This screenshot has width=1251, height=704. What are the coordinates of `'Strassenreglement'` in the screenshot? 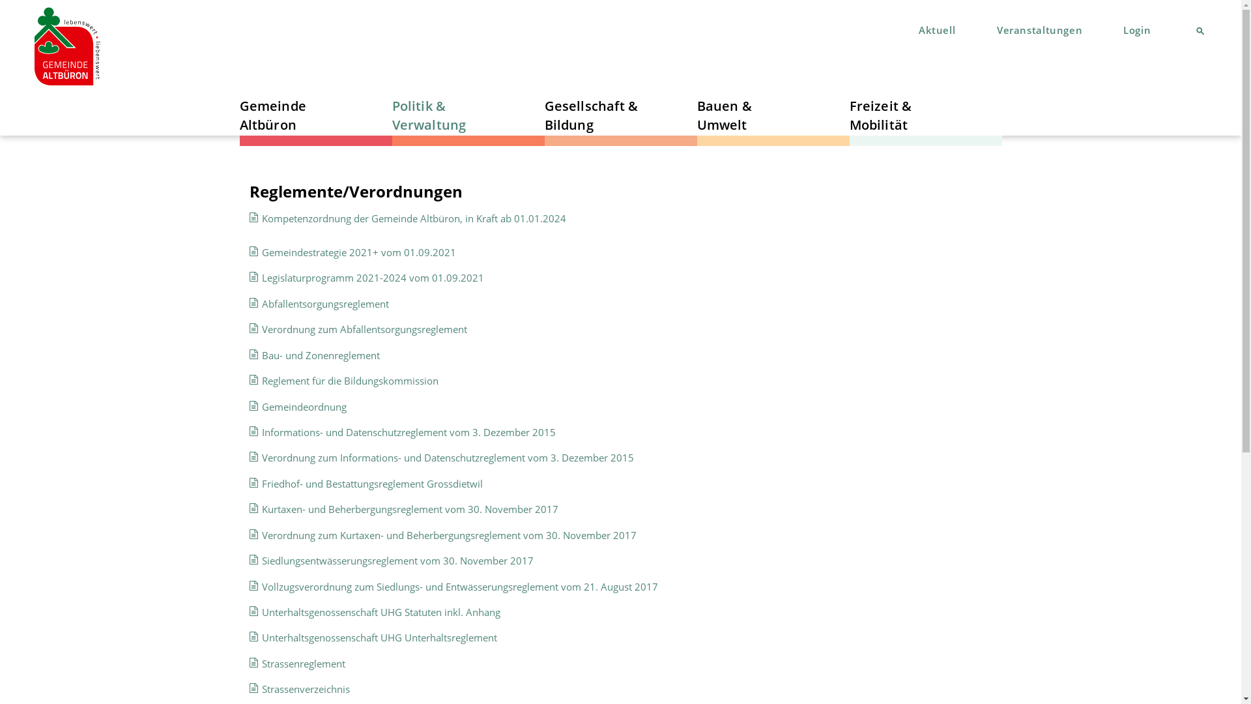 It's located at (261, 664).